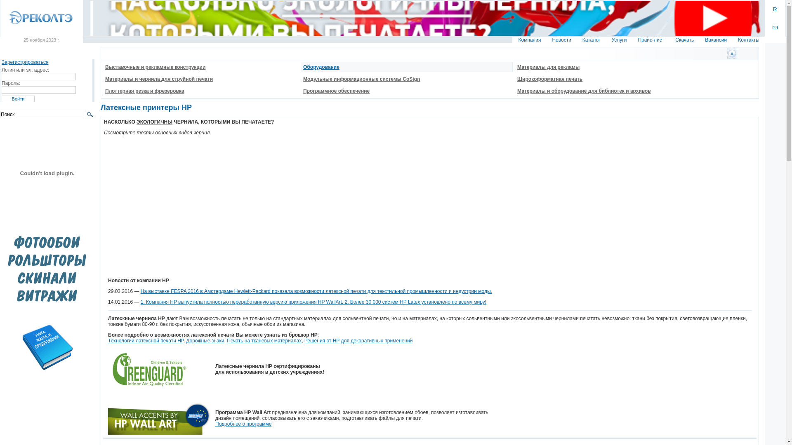  What do you see at coordinates (732, 54) in the screenshot?
I see `'????????'` at bounding box center [732, 54].